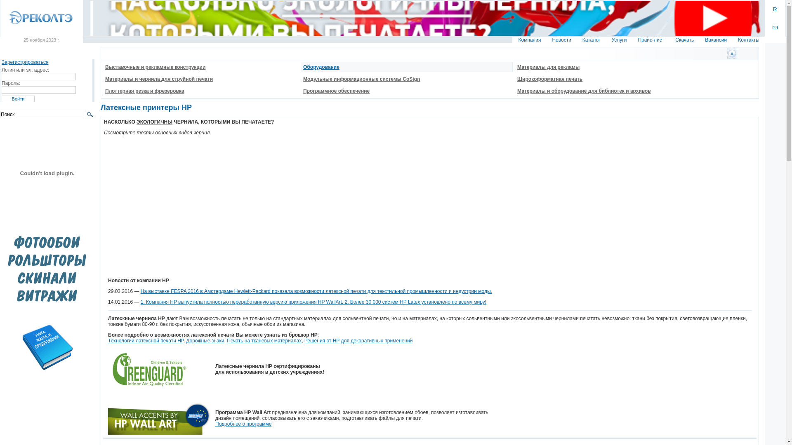  What do you see at coordinates (732, 54) in the screenshot?
I see `'????????'` at bounding box center [732, 54].